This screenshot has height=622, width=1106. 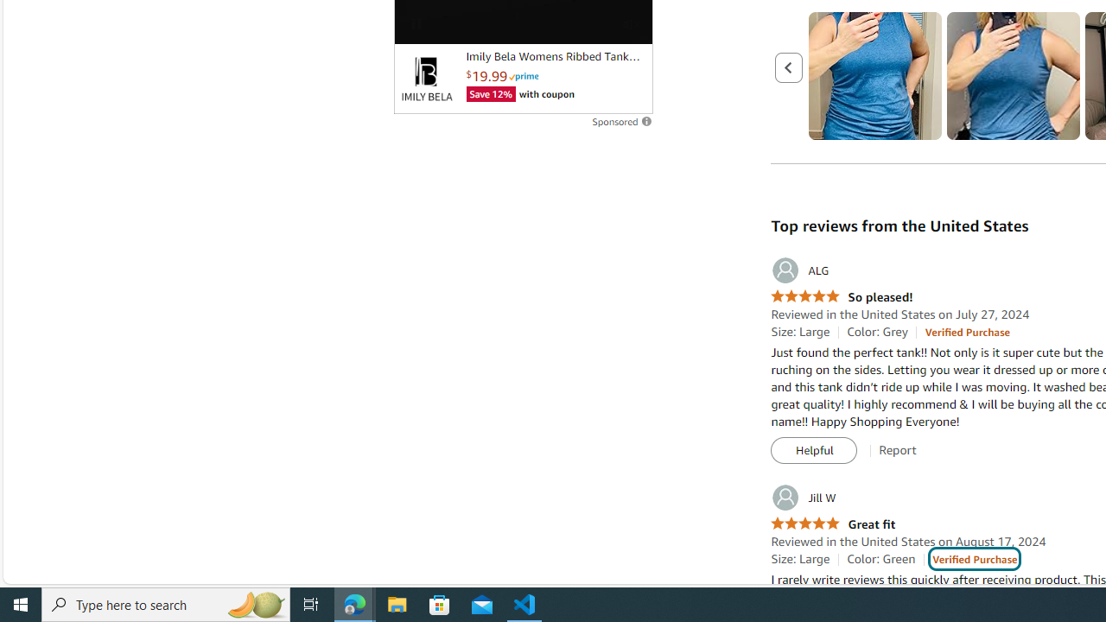 I want to click on 'ALG', so click(x=799, y=270).